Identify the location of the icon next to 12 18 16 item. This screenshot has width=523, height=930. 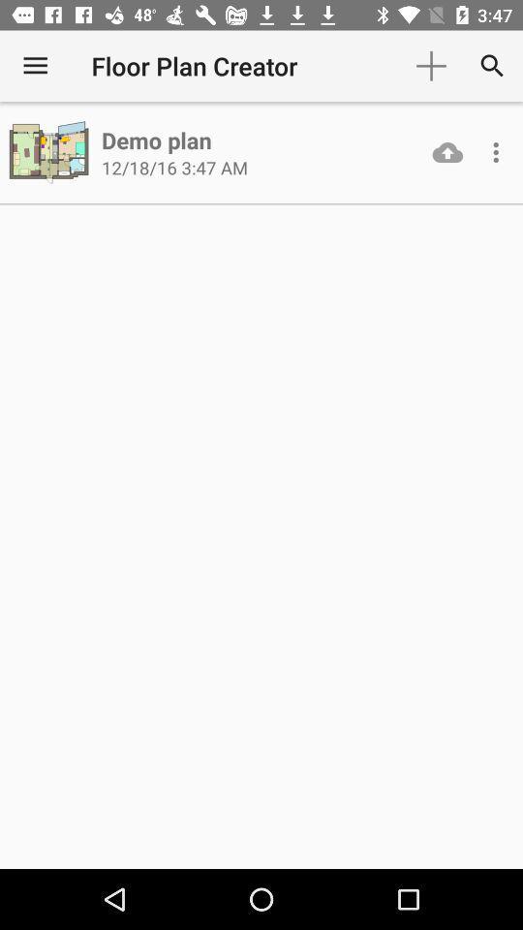
(447, 151).